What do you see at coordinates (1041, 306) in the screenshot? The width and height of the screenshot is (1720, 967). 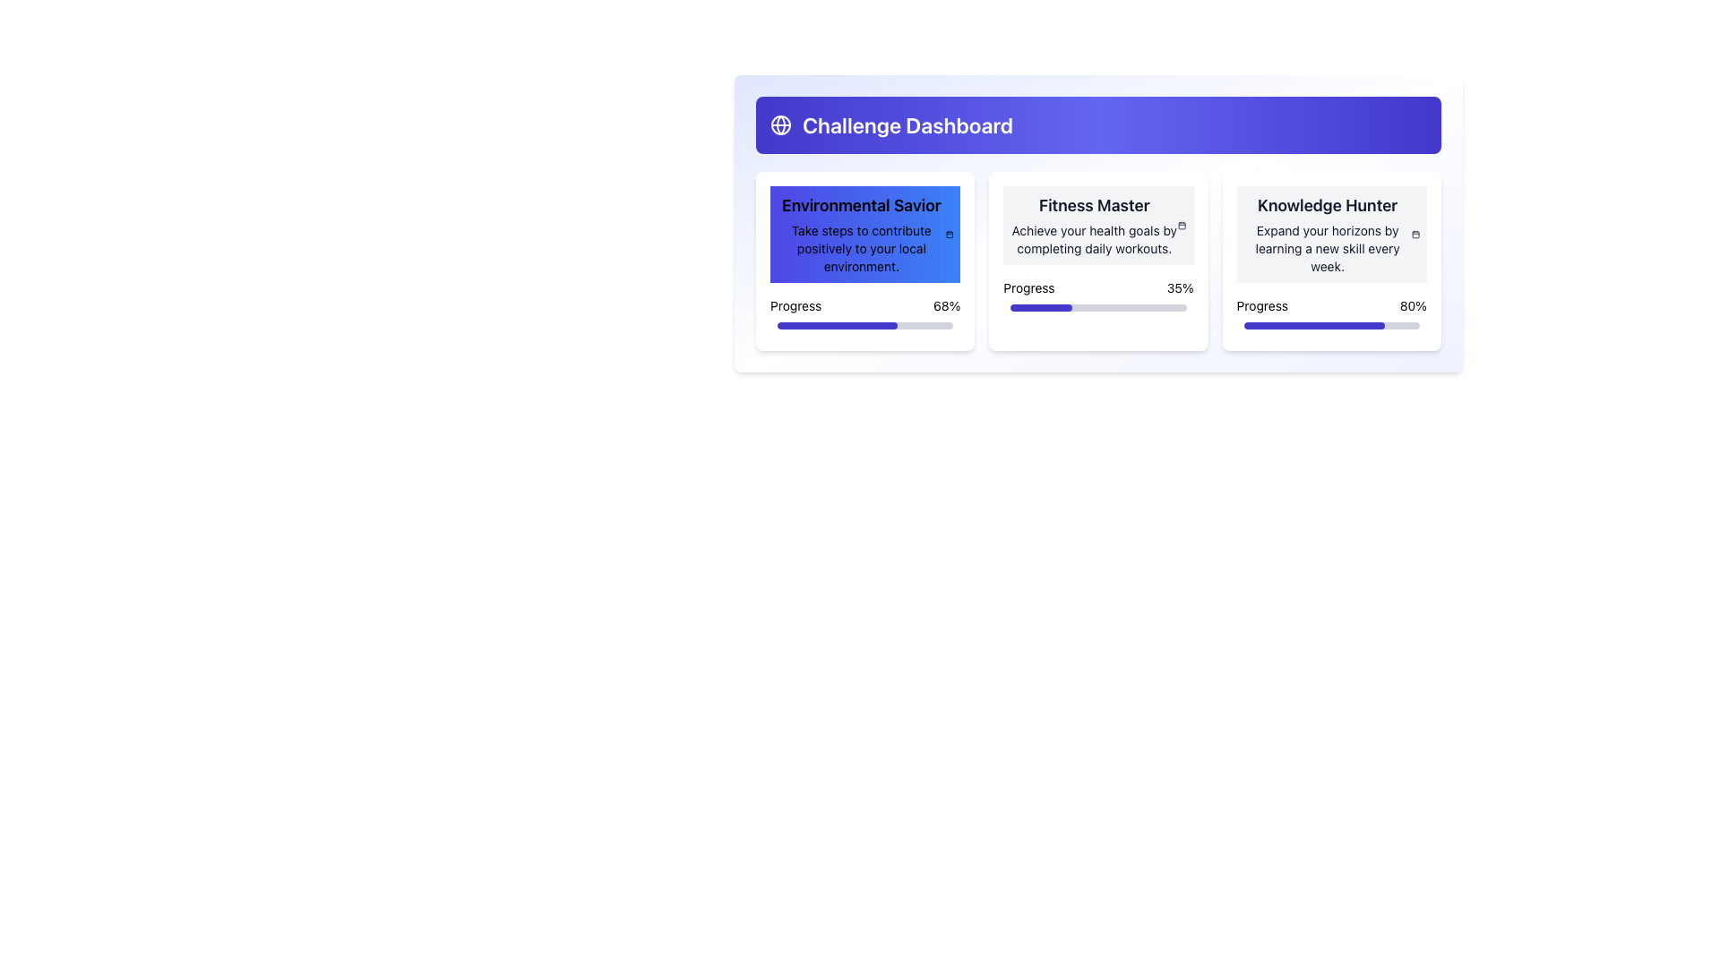 I see `the indigo-colored progress bar segment representing 35% progress within the 'Fitness Master' card` at bounding box center [1041, 306].